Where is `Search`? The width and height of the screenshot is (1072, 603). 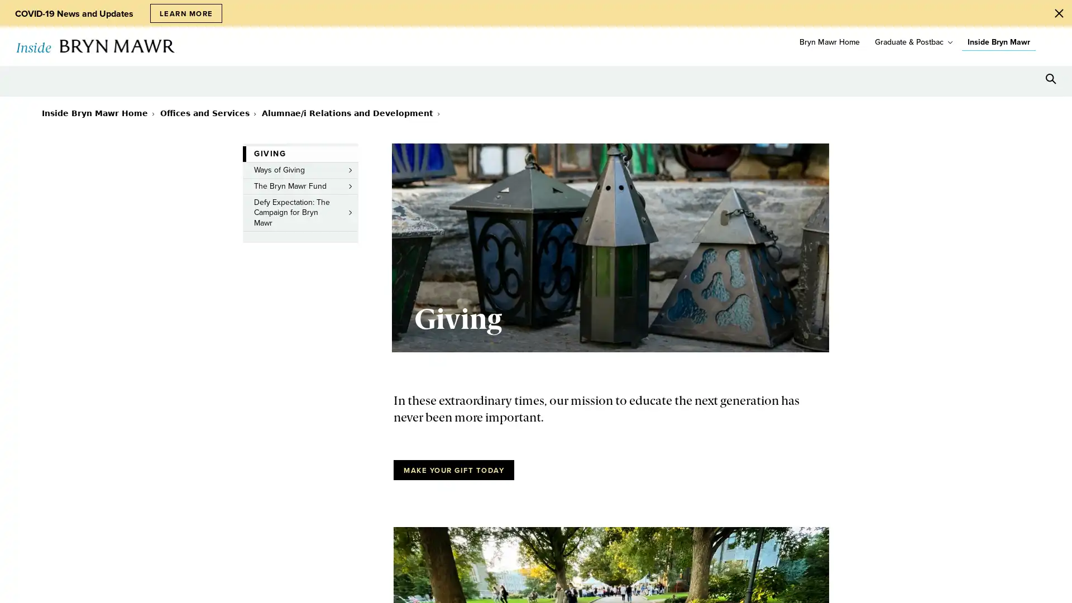
Search is located at coordinates (1050, 78).